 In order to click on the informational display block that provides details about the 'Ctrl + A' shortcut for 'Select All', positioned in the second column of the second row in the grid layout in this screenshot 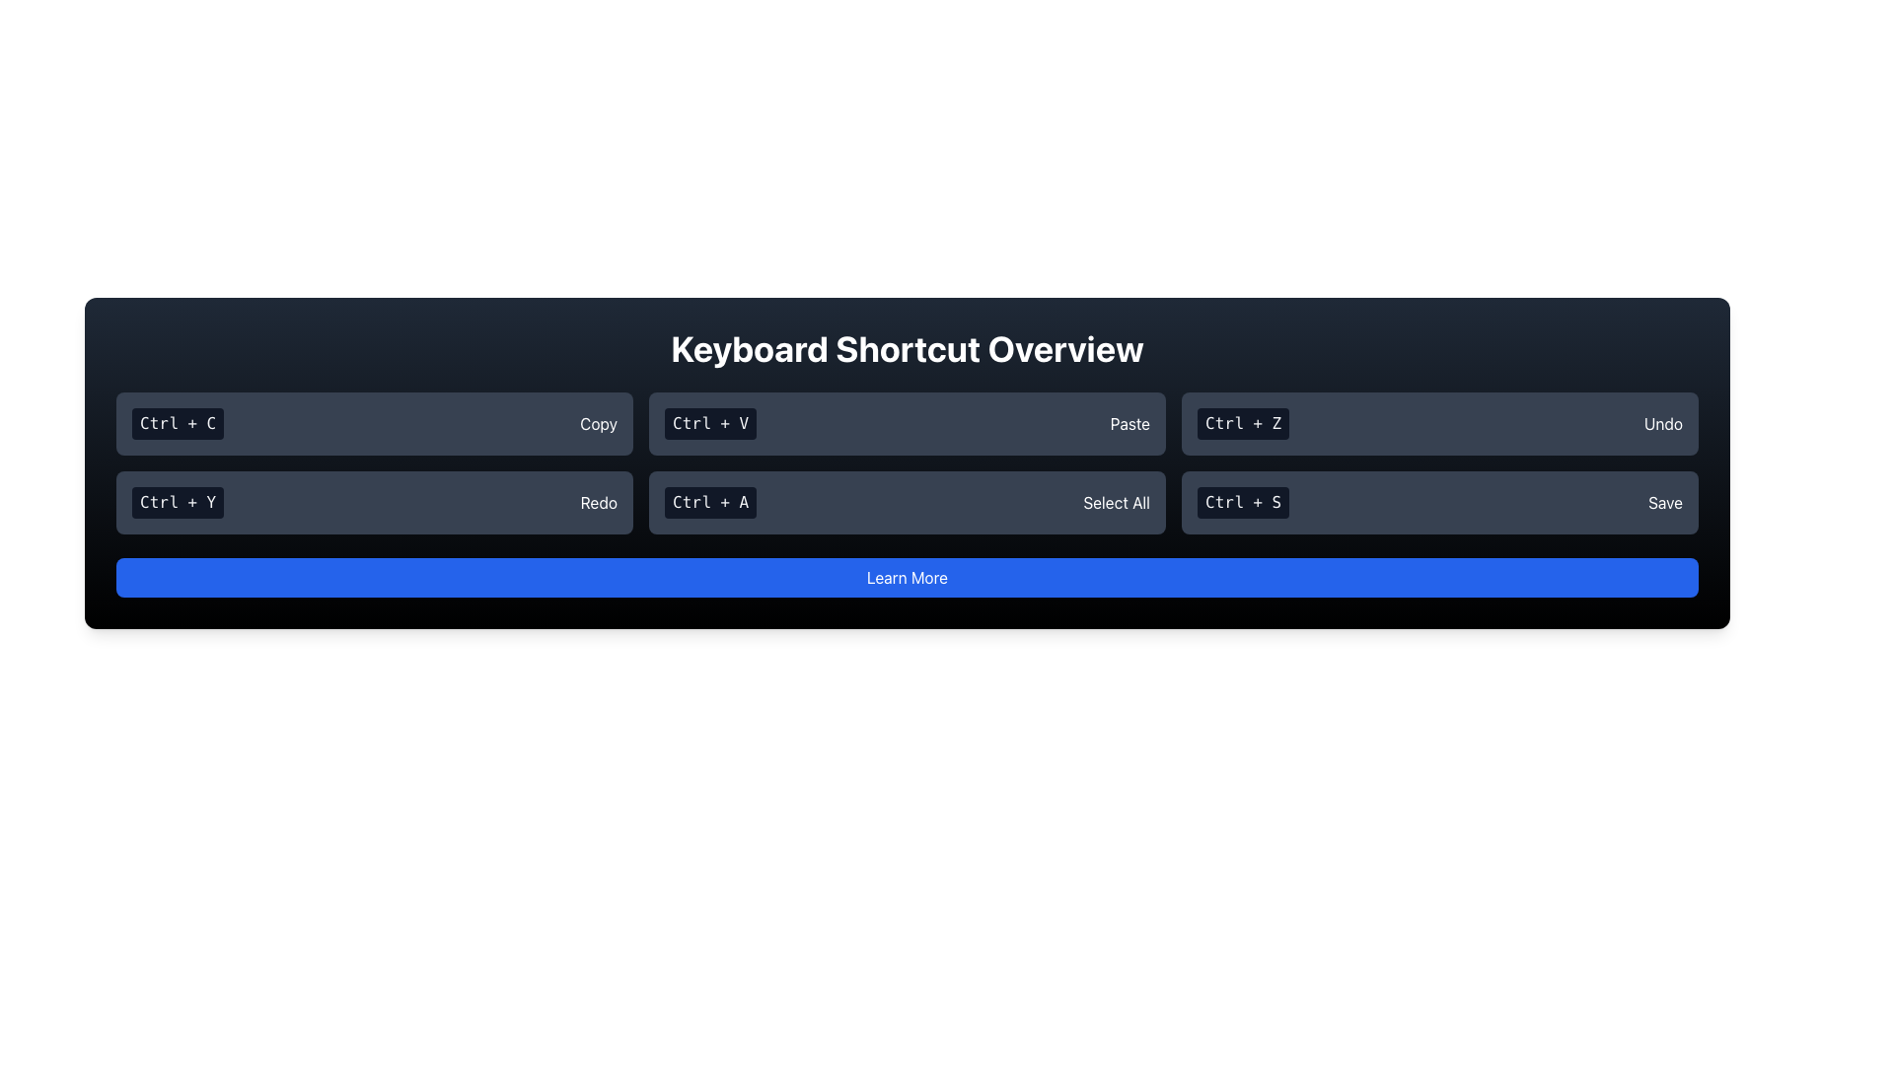, I will do `click(907, 501)`.